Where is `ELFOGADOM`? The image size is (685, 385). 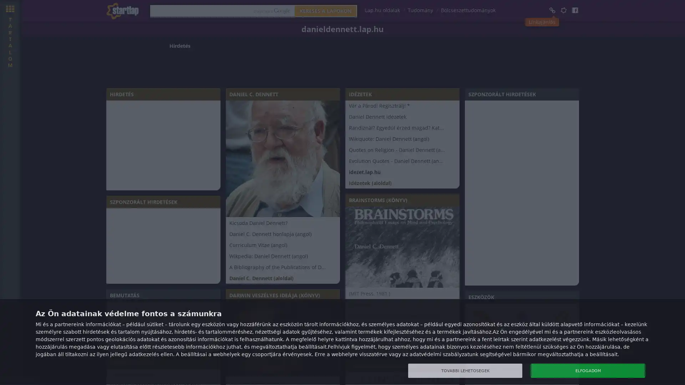
ELFOGADOM is located at coordinates (588, 370).